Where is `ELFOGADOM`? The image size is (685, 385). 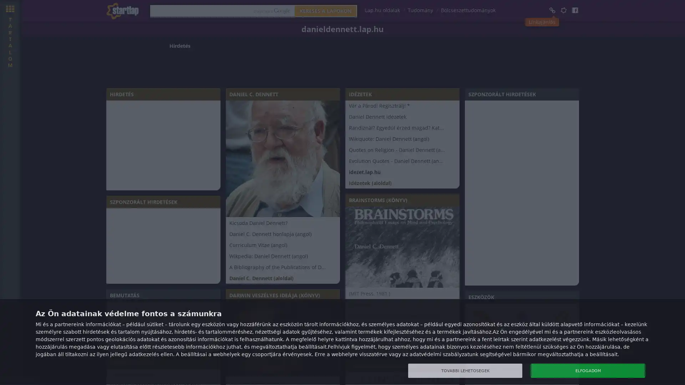
ELFOGADOM is located at coordinates (588, 370).